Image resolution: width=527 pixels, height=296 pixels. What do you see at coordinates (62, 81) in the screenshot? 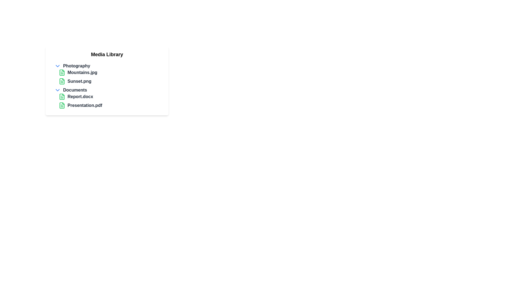
I see `the green document-like icon representing the file 'Sunset.png'` at bounding box center [62, 81].